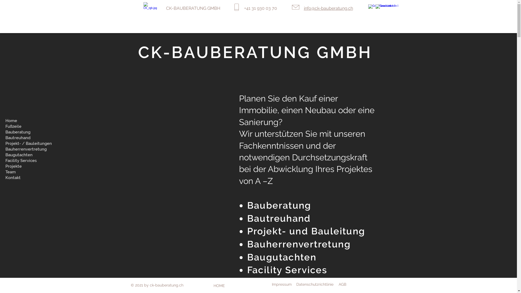  I want to click on 'HOME', so click(219, 285).